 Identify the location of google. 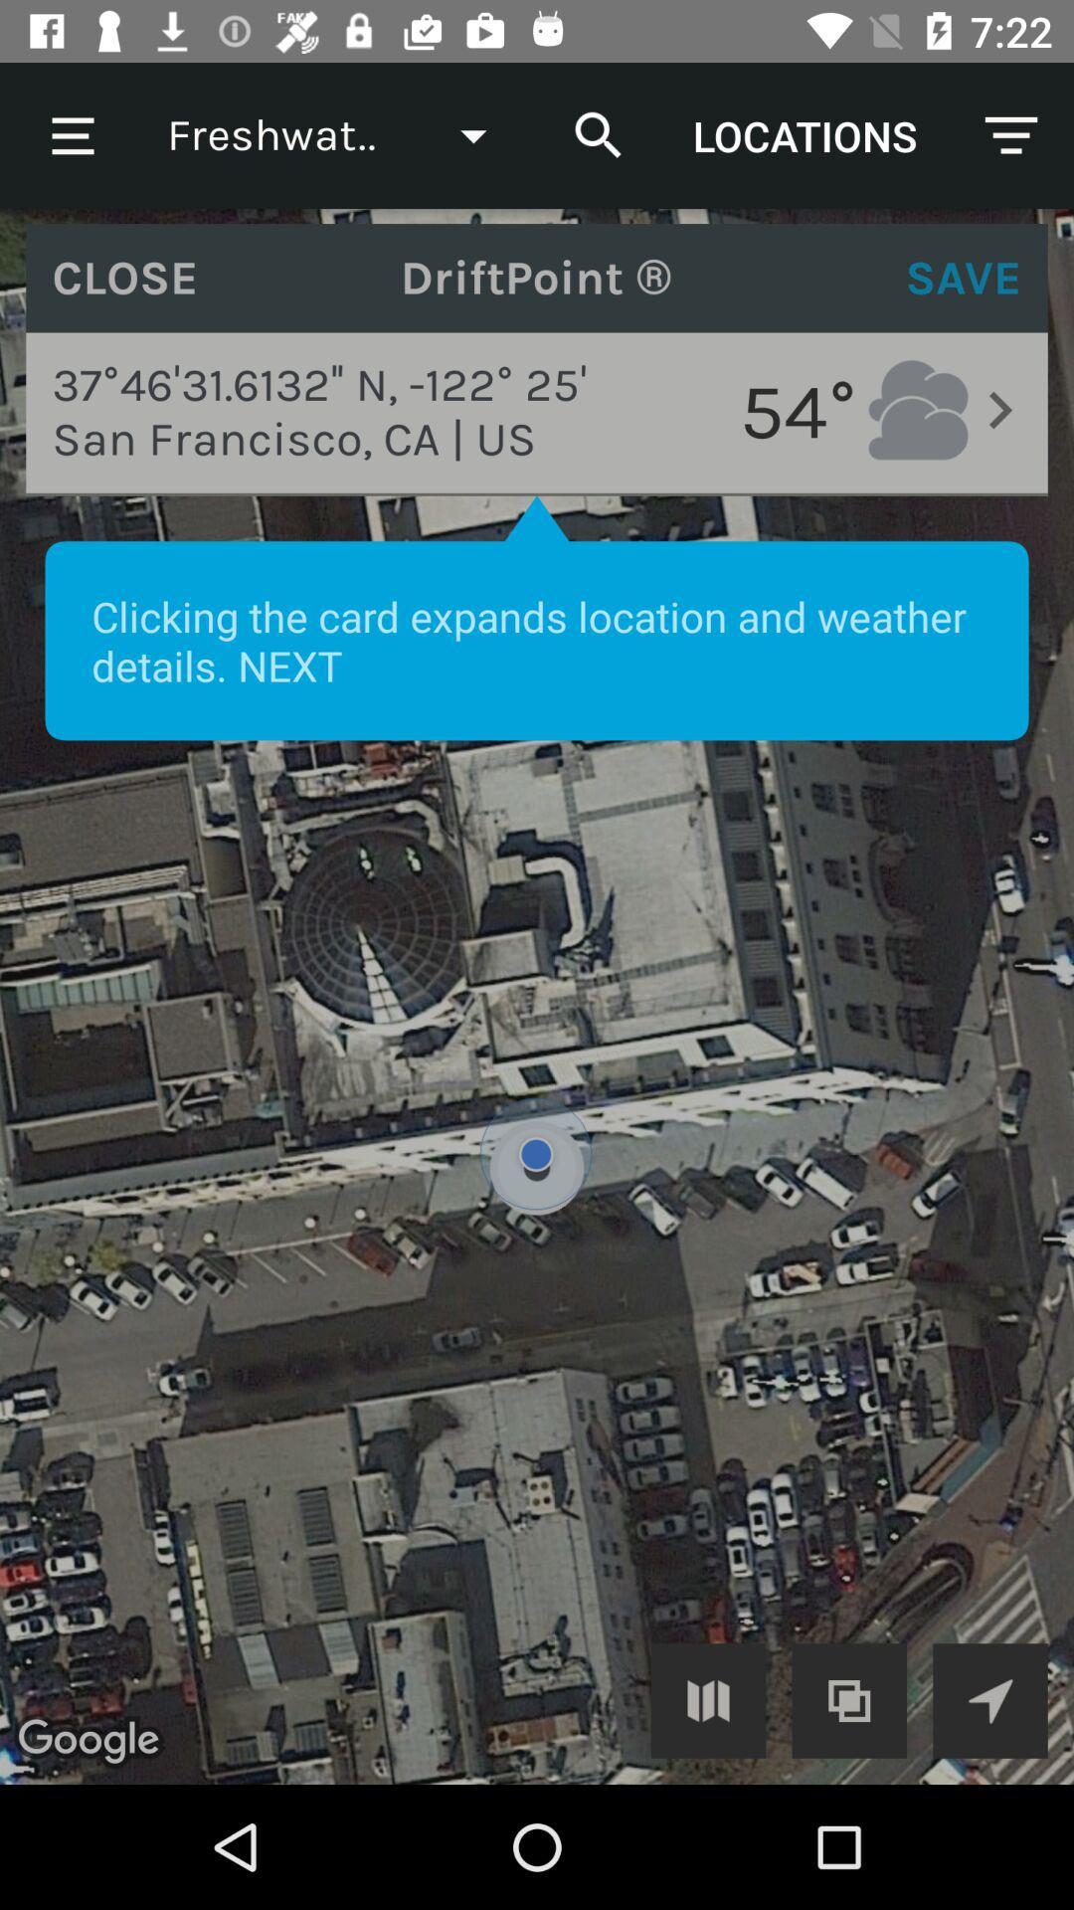
(989, 1699).